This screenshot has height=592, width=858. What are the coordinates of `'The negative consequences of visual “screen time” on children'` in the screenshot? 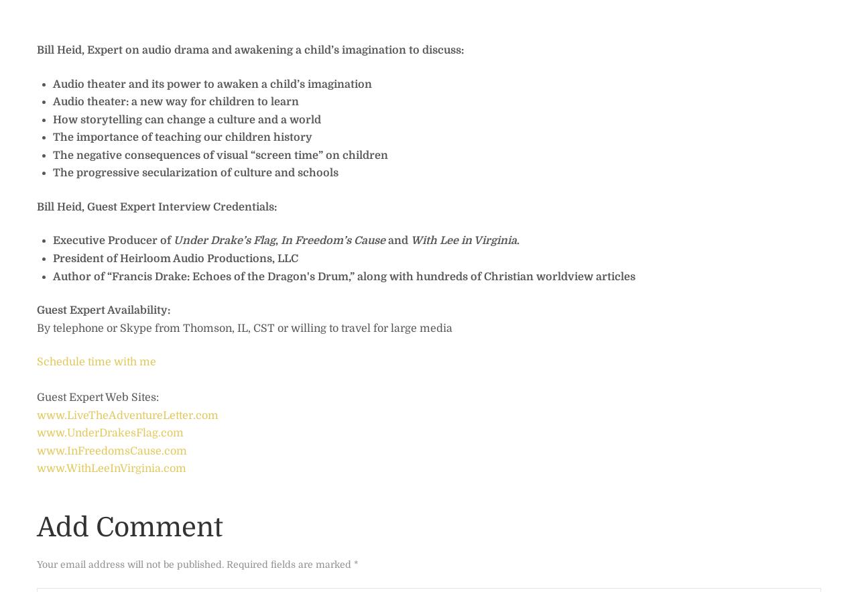 It's located at (52, 154).